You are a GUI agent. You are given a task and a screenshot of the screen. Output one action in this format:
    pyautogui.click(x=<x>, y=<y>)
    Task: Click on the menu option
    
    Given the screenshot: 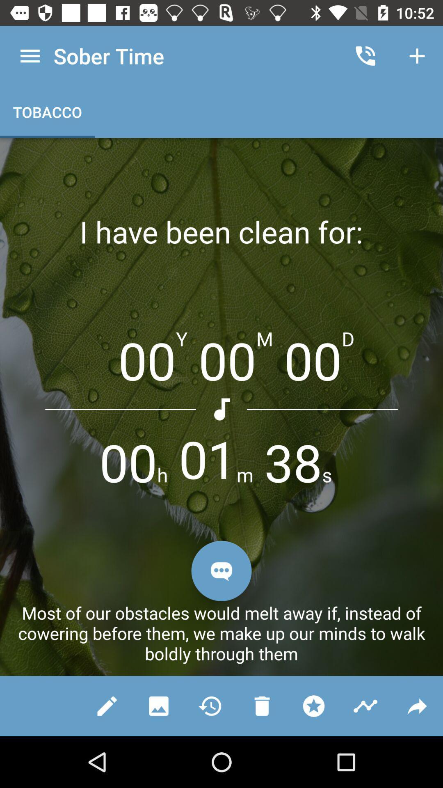 What is the action you would take?
    pyautogui.click(x=30, y=55)
    